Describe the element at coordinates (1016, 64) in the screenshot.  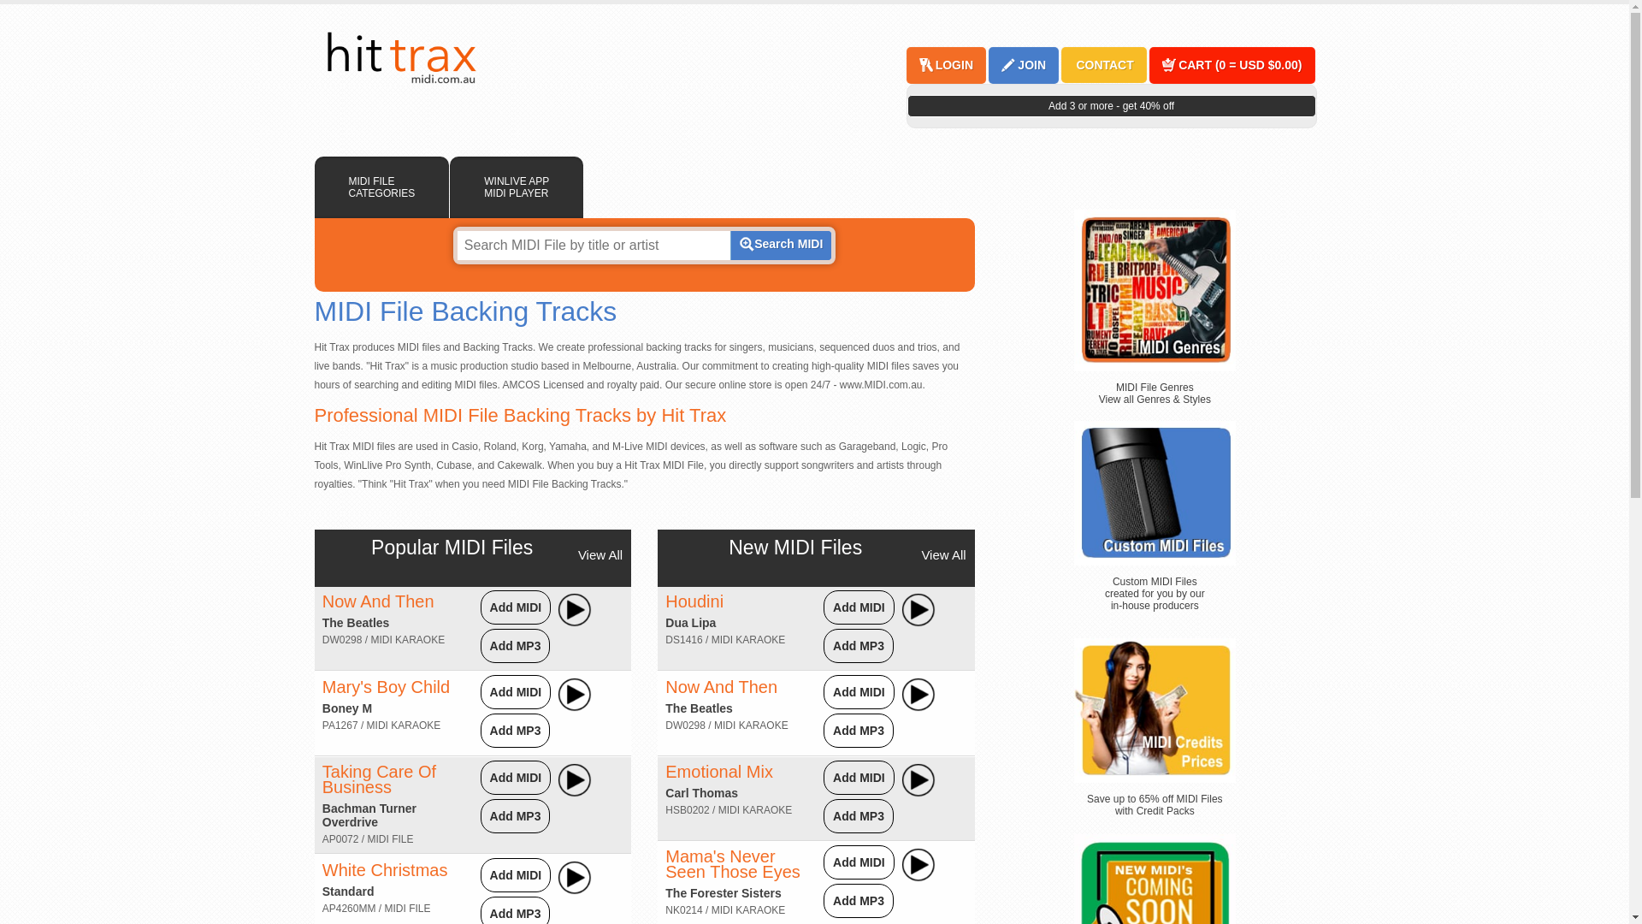
I see `'JOIN'` at that location.